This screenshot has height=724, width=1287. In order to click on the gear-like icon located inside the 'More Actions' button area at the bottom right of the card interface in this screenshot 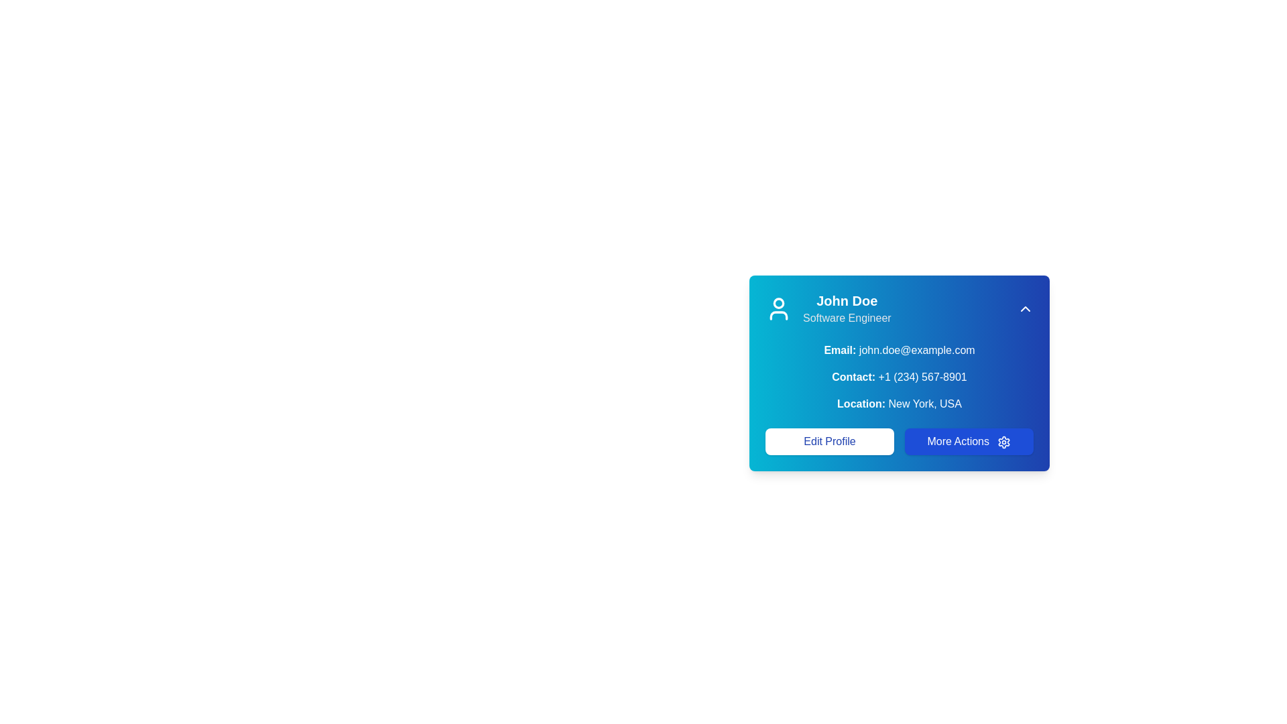, I will do `click(1004, 442)`.